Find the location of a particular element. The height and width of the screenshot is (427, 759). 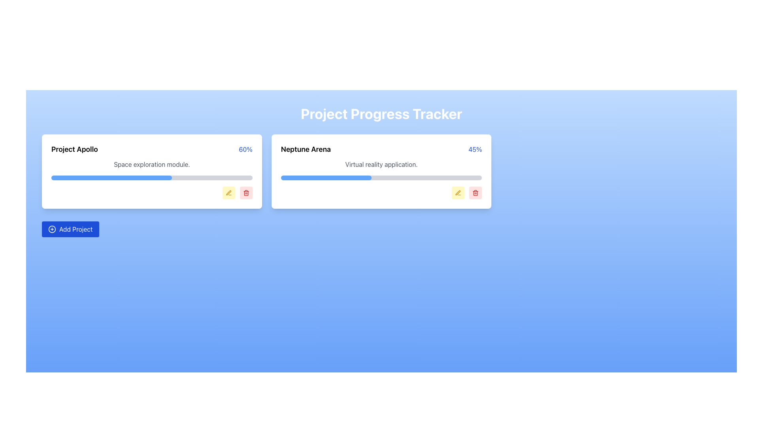

text content of the Text Label that displays the title or identifier of the project, located in the upper-left region of the first project card is located at coordinates (74, 149).